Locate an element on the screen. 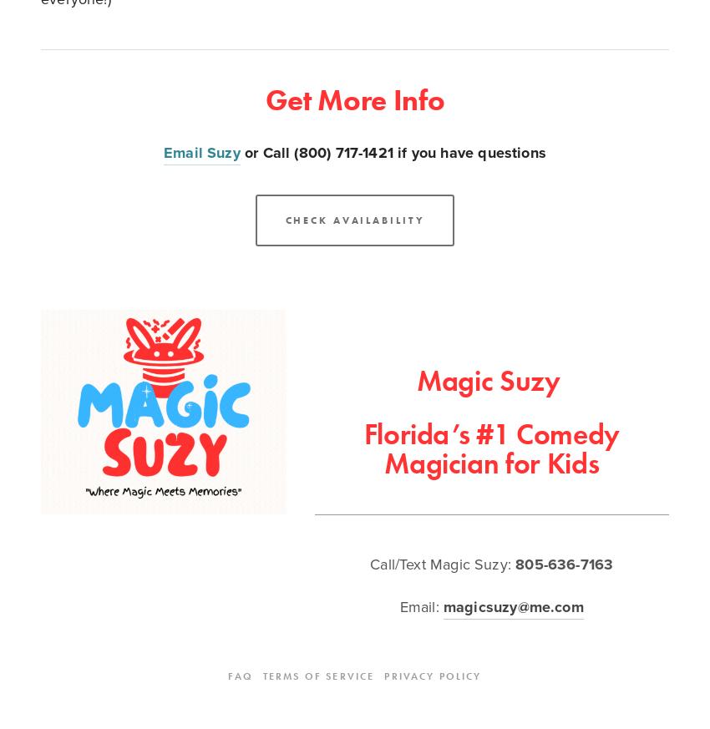 The image size is (710, 729). 'Email Suzy' is located at coordinates (201, 151).